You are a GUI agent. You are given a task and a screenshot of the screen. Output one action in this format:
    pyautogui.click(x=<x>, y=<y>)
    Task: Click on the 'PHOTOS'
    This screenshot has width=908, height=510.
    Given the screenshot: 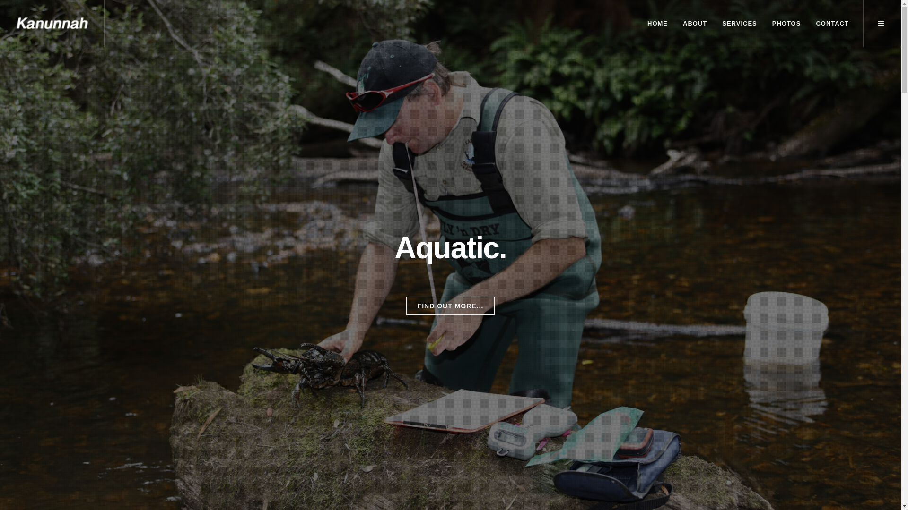 What is the action you would take?
    pyautogui.click(x=786, y=23)
    